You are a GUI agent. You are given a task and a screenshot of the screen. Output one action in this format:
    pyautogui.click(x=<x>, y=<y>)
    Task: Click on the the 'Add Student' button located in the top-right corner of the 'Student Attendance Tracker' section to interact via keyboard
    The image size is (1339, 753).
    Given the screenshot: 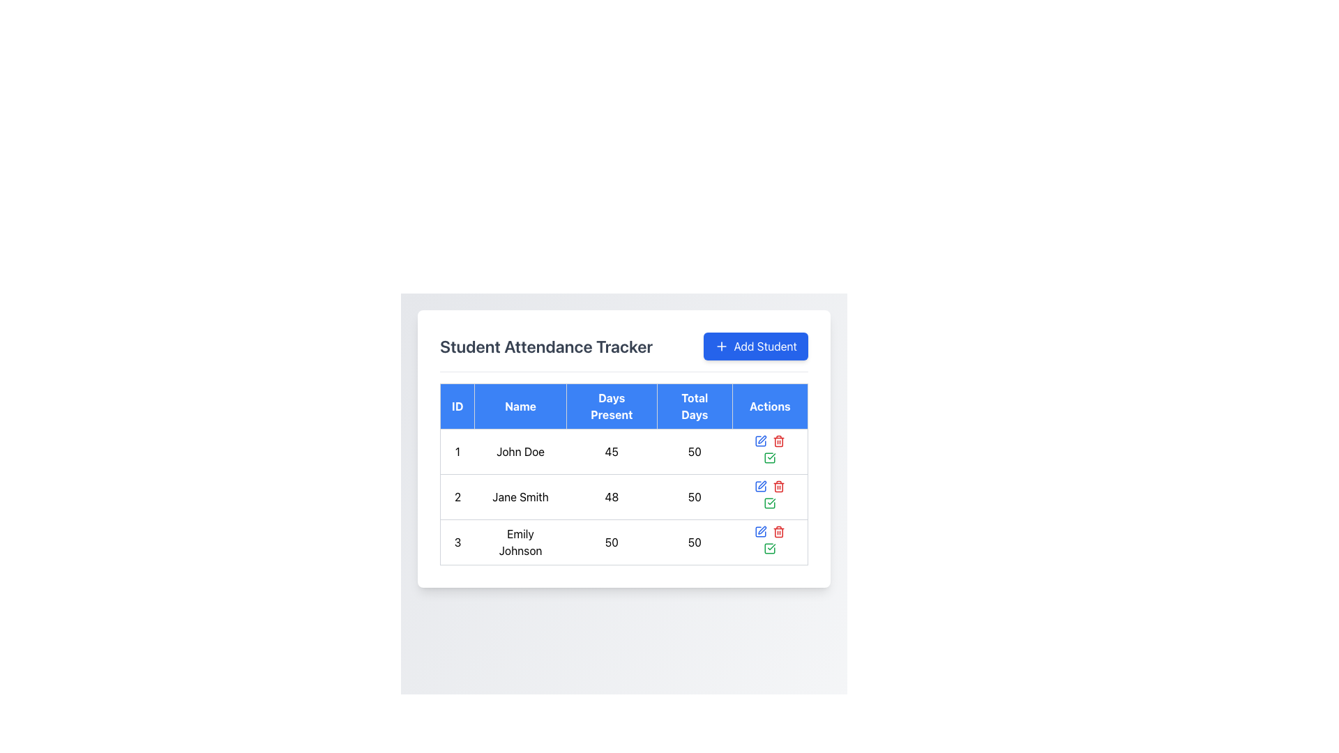 What is the action you would take?
    pyautogui.click(x=755, y=346)
    